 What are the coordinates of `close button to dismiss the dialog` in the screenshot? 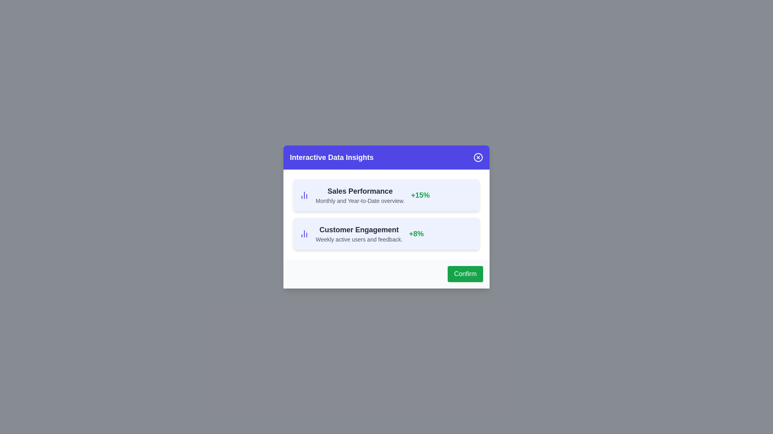 It's located at (478, 158).